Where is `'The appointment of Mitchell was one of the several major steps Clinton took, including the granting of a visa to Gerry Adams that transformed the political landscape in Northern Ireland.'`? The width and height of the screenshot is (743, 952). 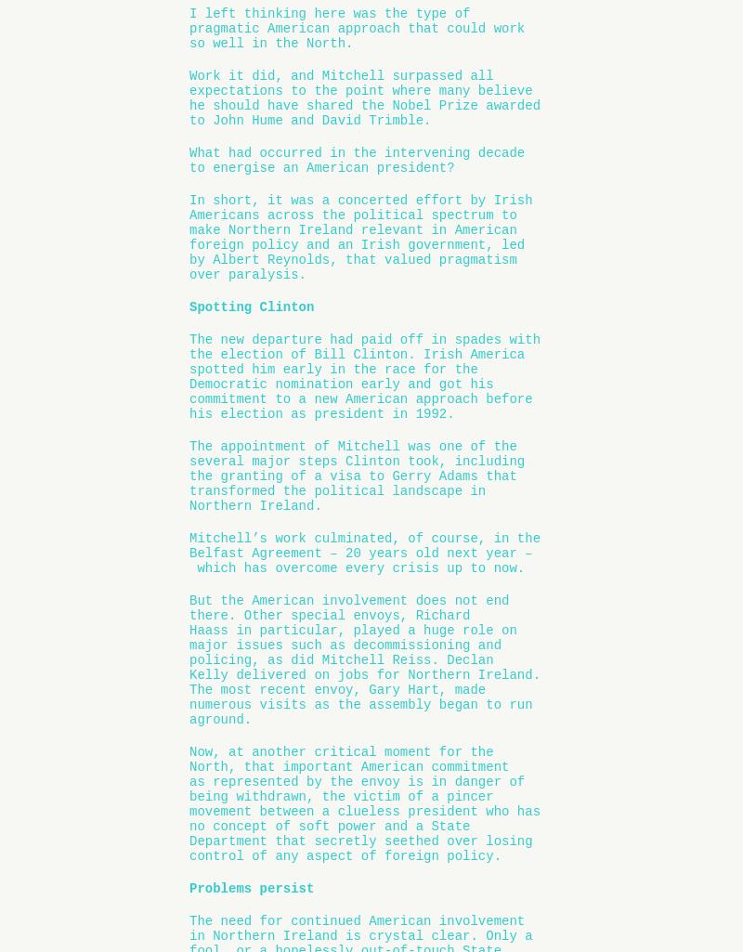
'The appointment of Mitchell was one of the several major steps Clinton took, including the granting of a visa to Gerry Adams that transformed the political landscape in Northern Ireland.' is located at coordinates (189, 475).